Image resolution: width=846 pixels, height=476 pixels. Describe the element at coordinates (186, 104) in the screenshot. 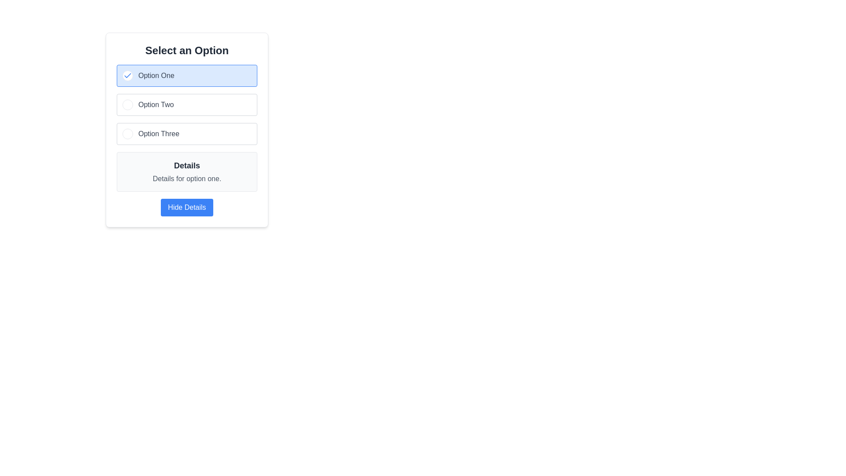

I see `the second radio button labeled 'Option Two'` at that location.